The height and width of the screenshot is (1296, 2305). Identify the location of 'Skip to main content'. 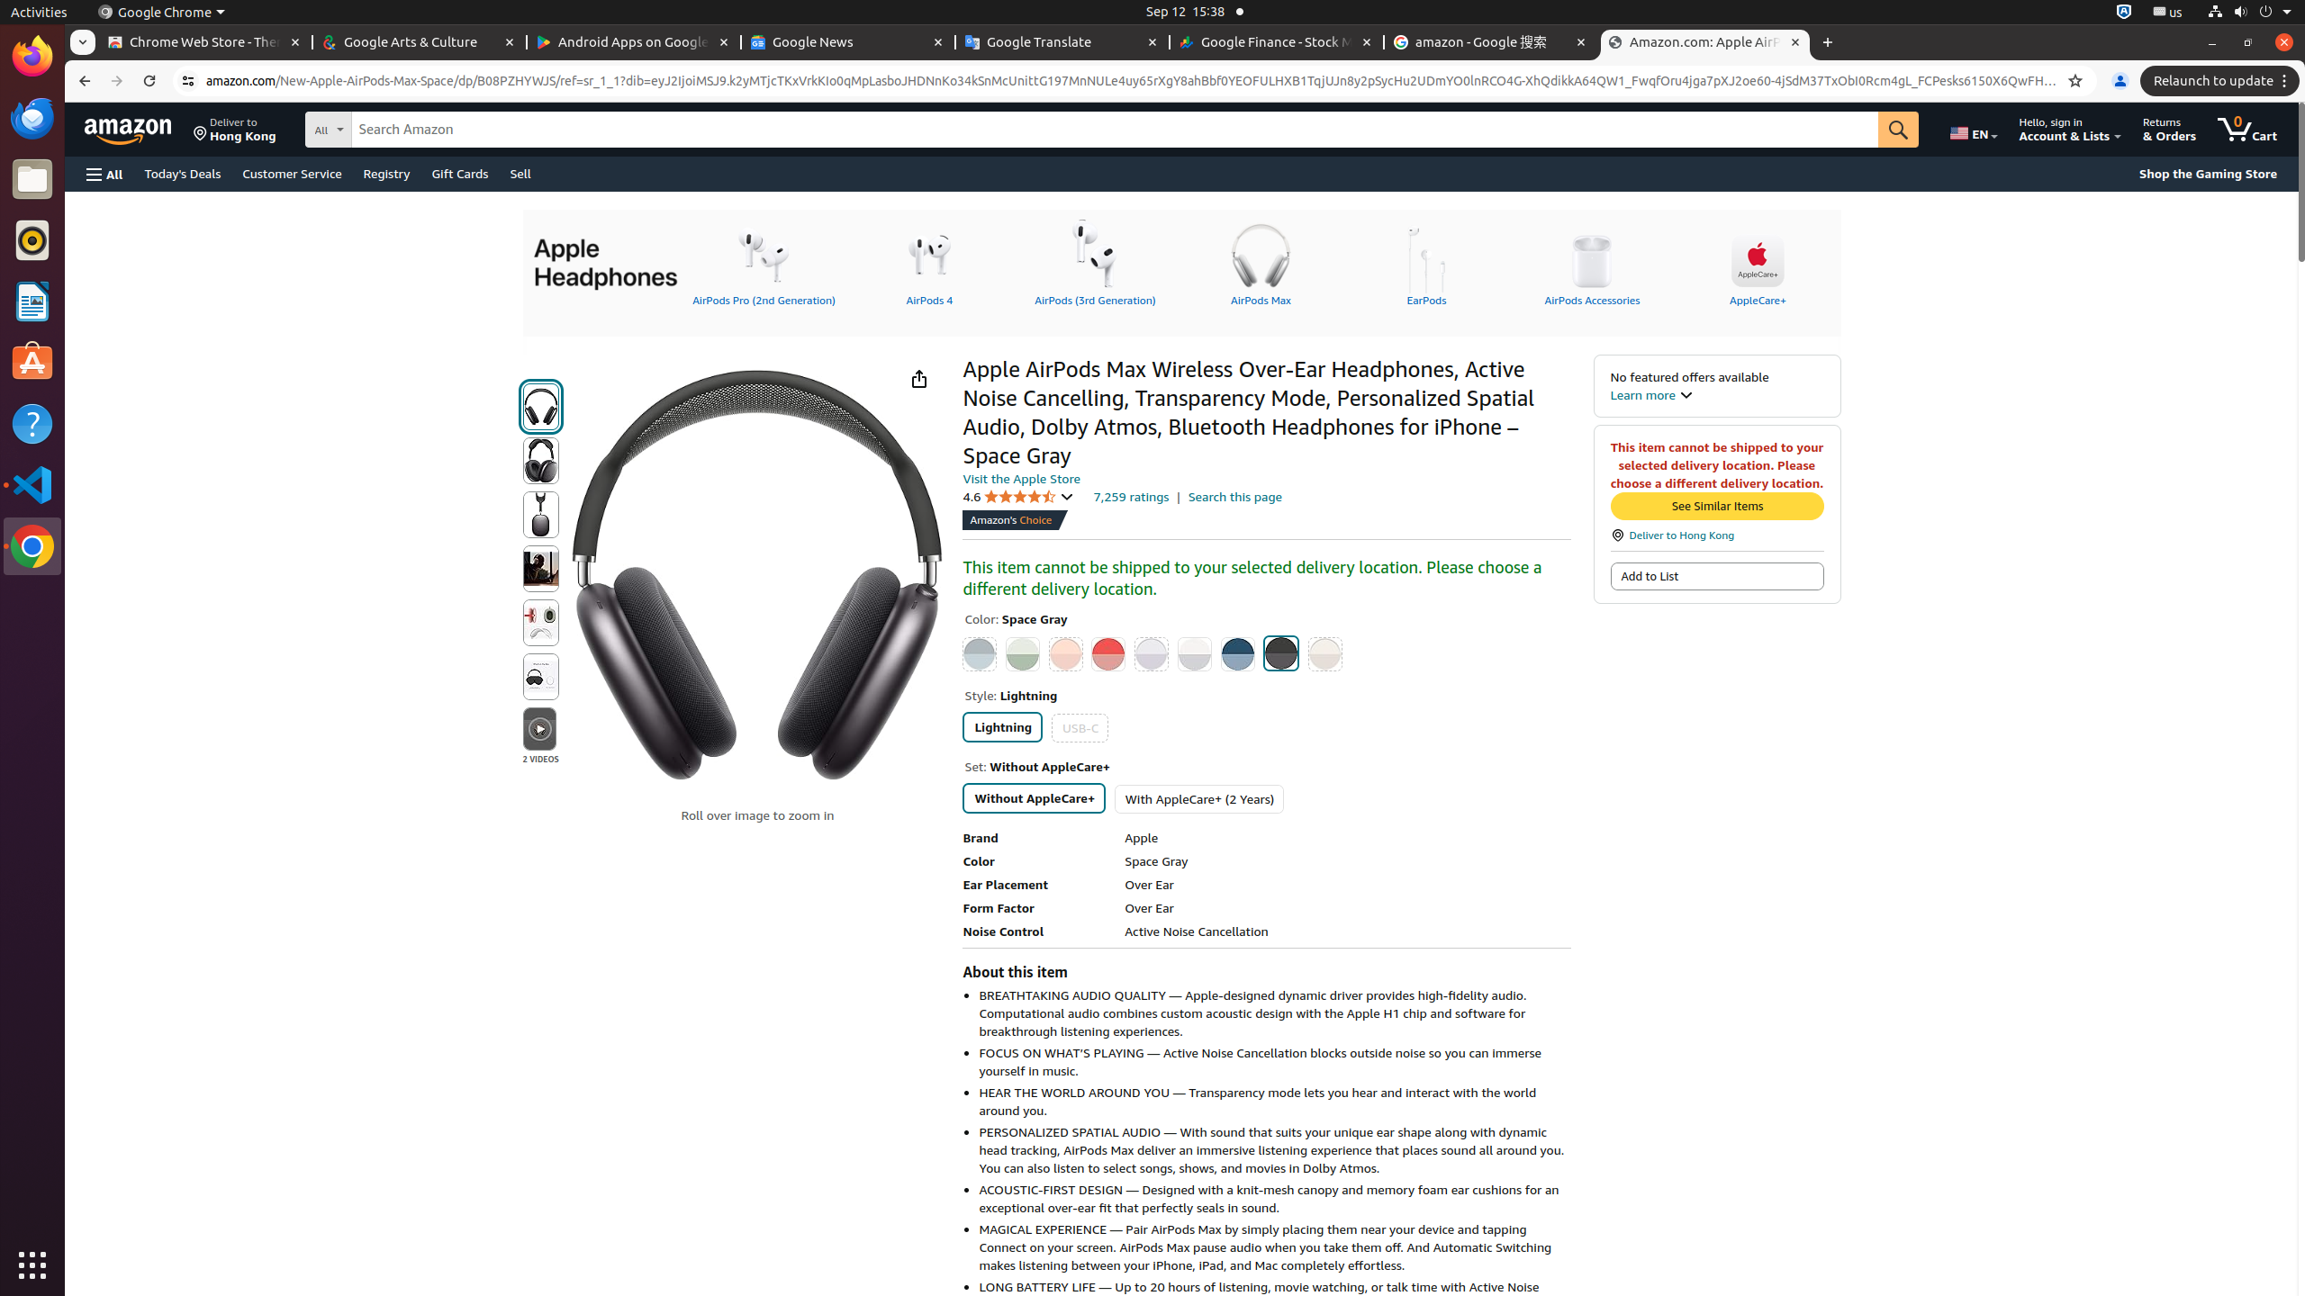
(139, 127).